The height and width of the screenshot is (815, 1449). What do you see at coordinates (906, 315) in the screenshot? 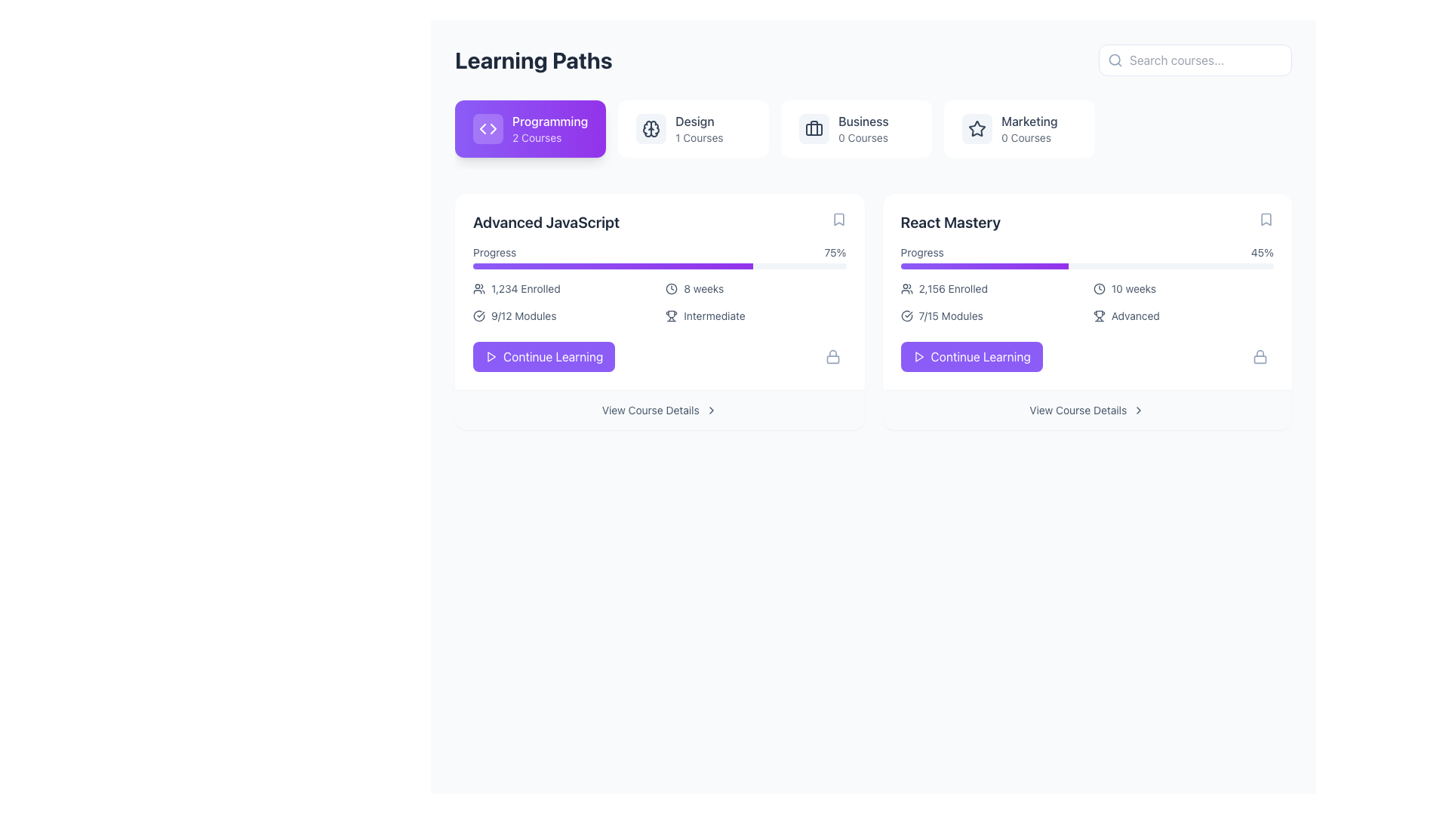
I see `the visual indication of the status or completion state represented by the graphical element within the icon located at the top-right corner of the 'React Mastery' card` at bounding box center [906, 315].